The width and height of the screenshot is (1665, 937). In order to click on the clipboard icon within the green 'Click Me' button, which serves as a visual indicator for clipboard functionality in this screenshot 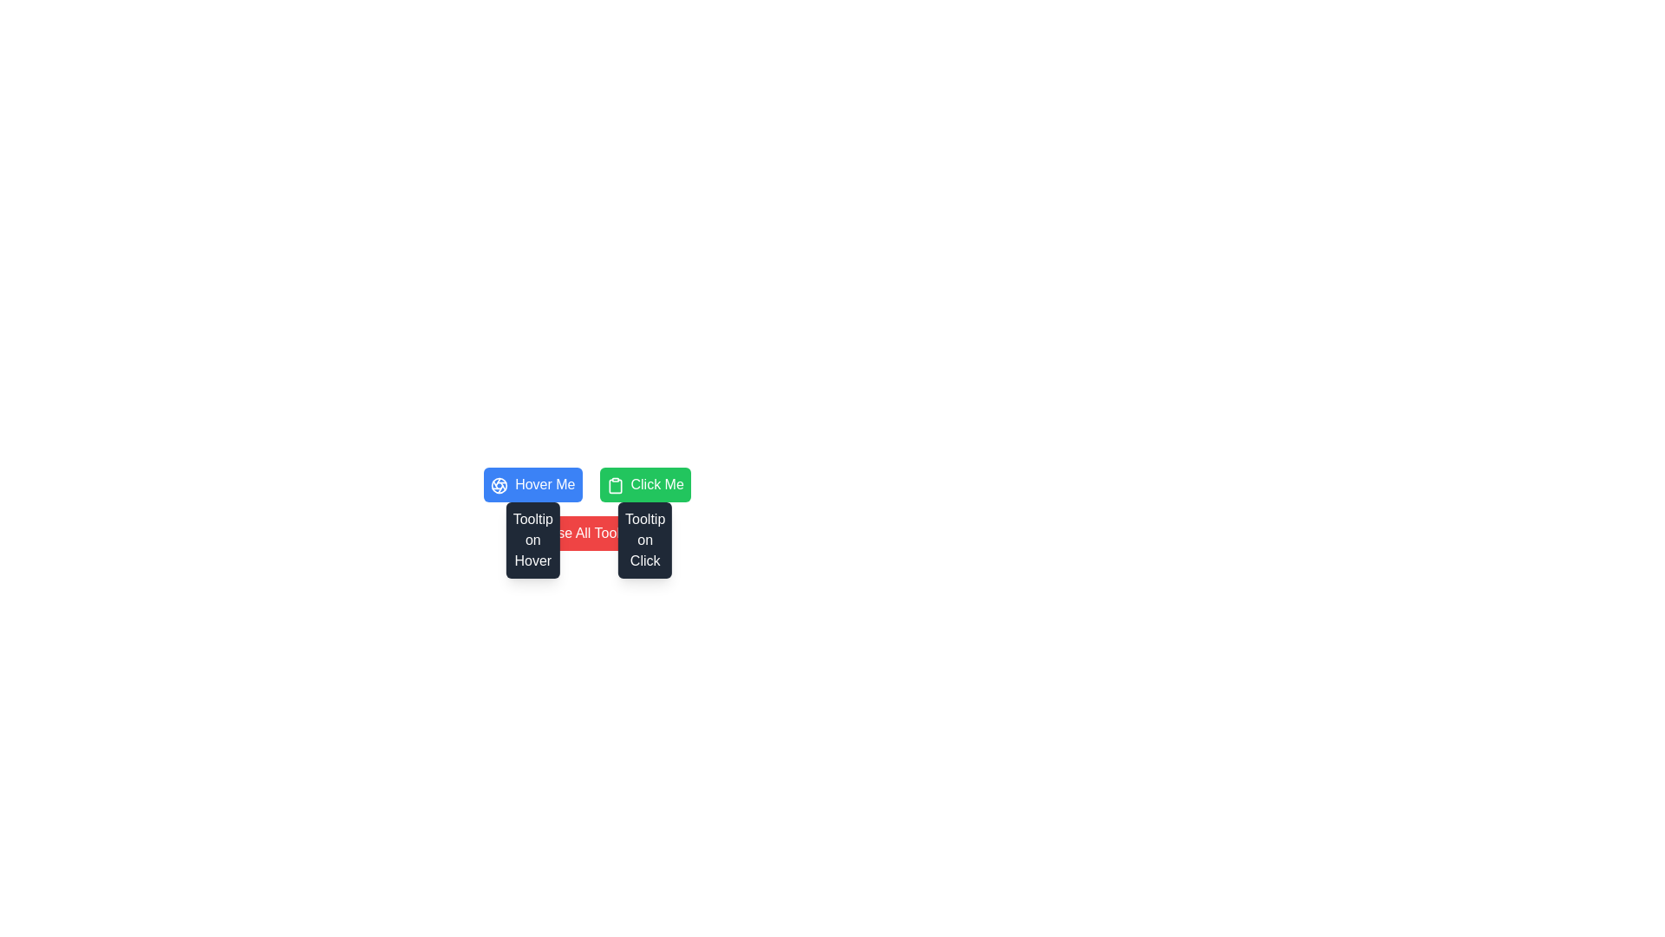, I will do `click(615, 485)`.